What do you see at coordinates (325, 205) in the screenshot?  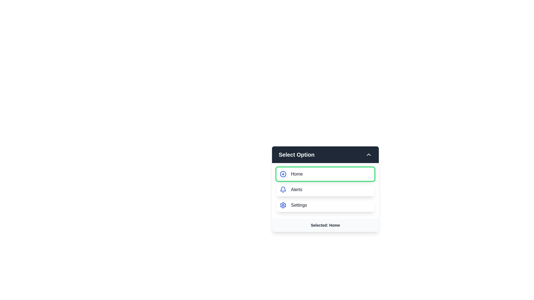 I see `the 'Settings' button, which is the third item in a vertical list located below 'Alerts'` at bounding box center [325, 205].